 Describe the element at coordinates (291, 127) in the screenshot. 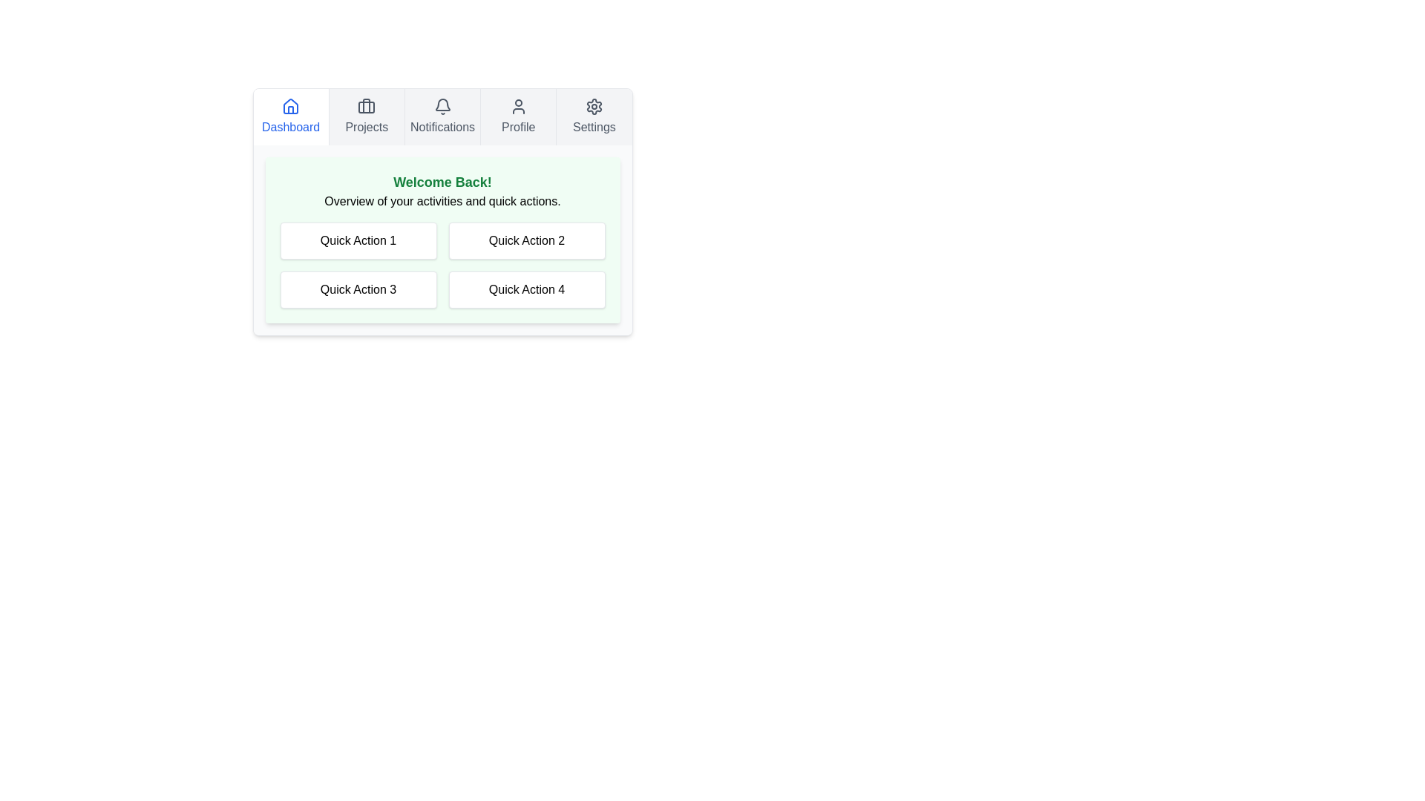

I see `the 'Dashboard' text label in the navigation menu` at that location.